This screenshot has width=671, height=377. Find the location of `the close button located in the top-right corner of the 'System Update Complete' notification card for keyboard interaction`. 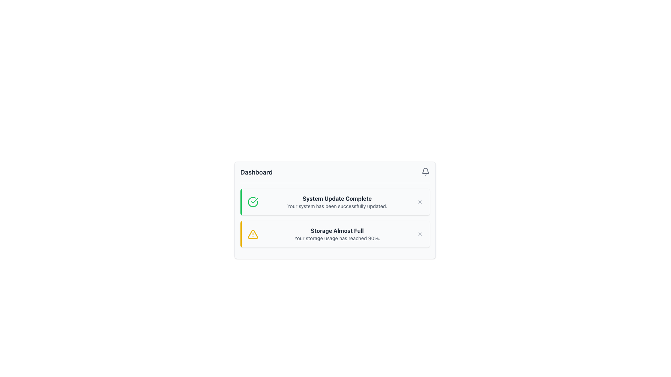

the close button located in the top-right corner of the 'System Update Complete' notification card for keyboard interaction is located at coordinates (419, 202).